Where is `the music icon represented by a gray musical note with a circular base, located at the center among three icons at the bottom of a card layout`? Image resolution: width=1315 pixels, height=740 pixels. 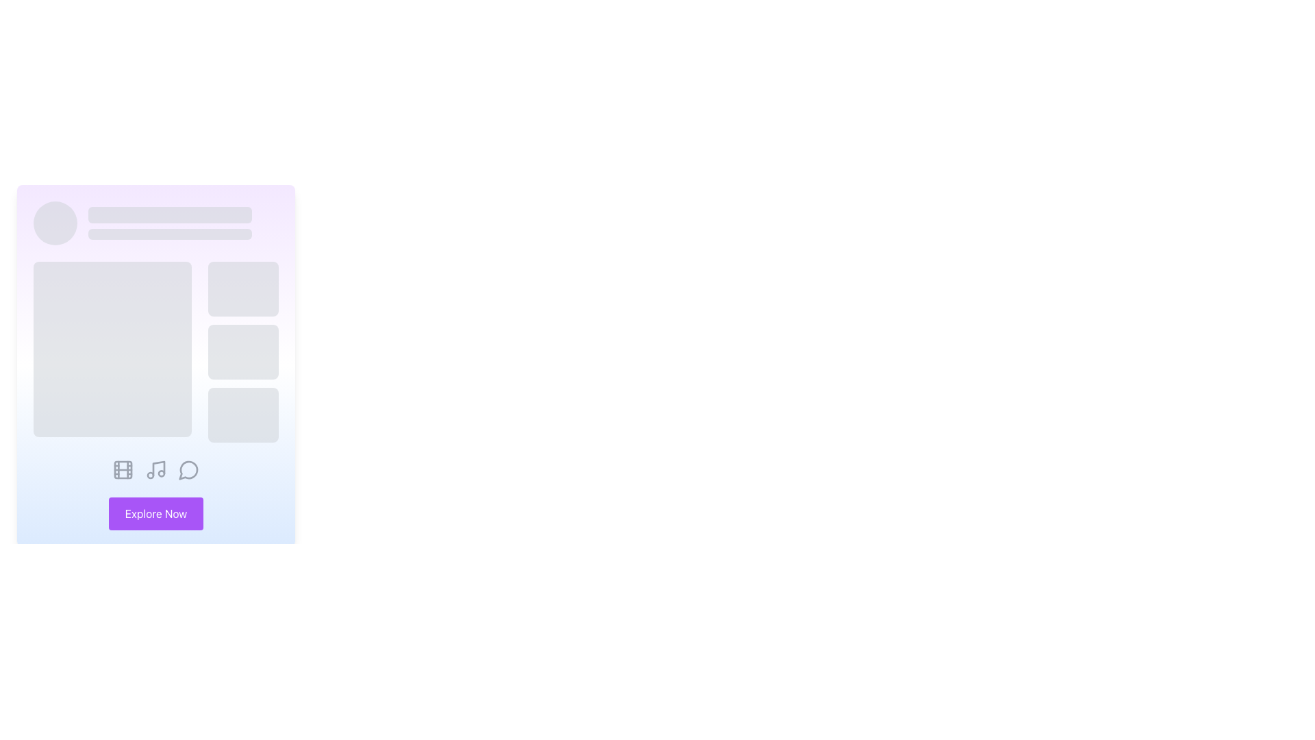
the music icon represented by a gray musical note with a circular base, located at the center among three icons at the bottom of a card layout is located at coordinates (155, 469).